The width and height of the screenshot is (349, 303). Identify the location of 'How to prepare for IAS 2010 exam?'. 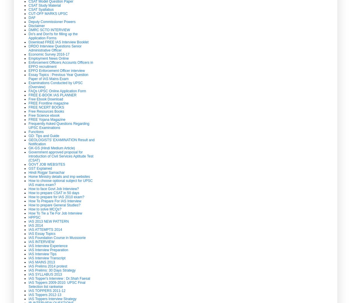
(56, 196).